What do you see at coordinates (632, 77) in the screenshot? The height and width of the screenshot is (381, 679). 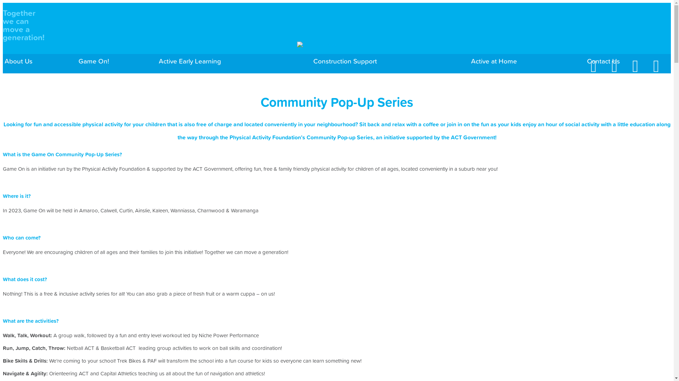 I see `'Vimeo'` at bounding box center [632, 77].